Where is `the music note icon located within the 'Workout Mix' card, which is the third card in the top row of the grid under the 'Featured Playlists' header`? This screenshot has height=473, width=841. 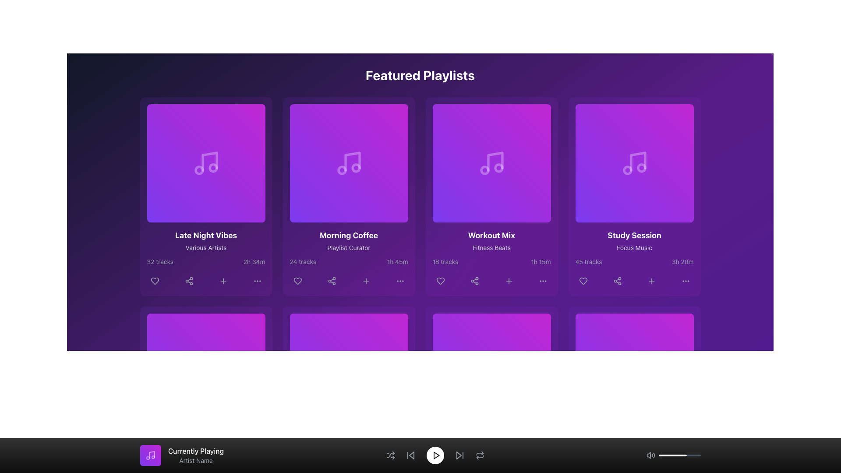 the music note icon located within the 'Workout Mix' card, which is the third card in the top row of the grid under the 'Featured Playlists' header is located at coordinates (495, 162).